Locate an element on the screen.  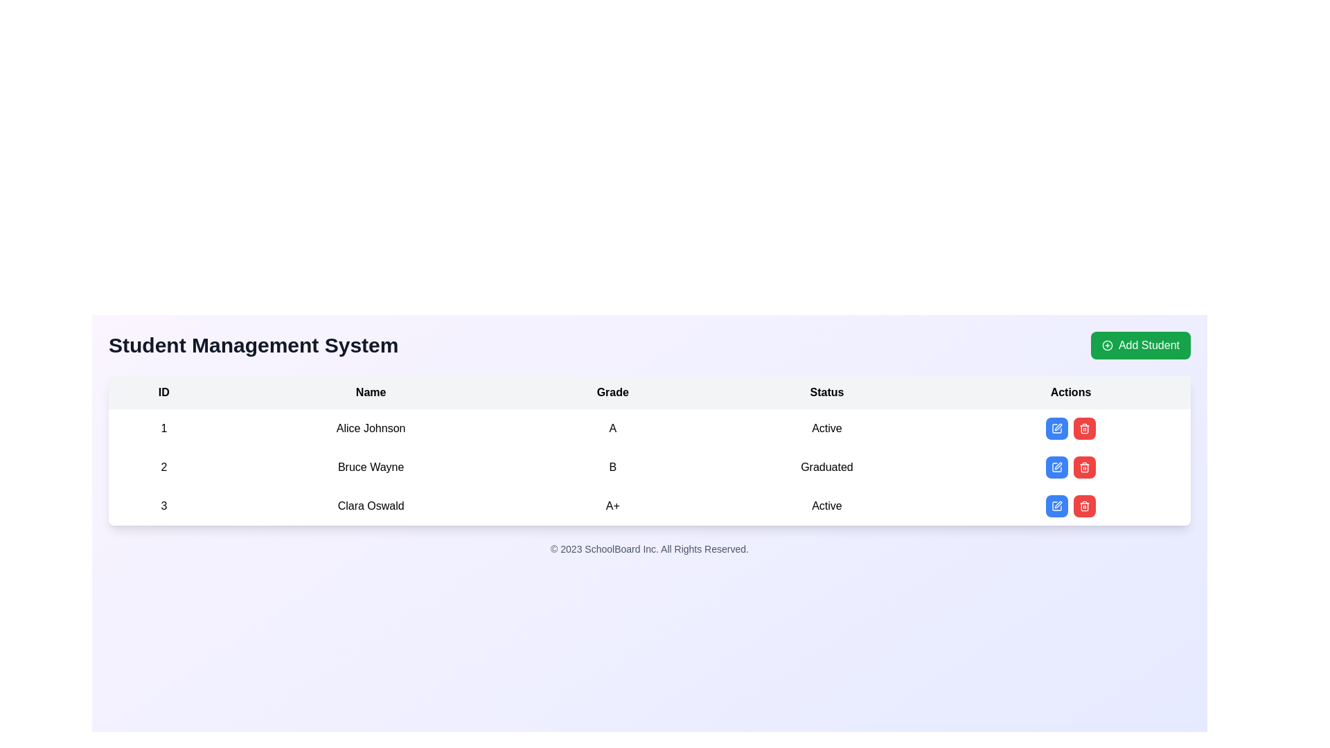
the text label displaying the grade for 'Alice Johnson' is located at coordinates (612, 427).